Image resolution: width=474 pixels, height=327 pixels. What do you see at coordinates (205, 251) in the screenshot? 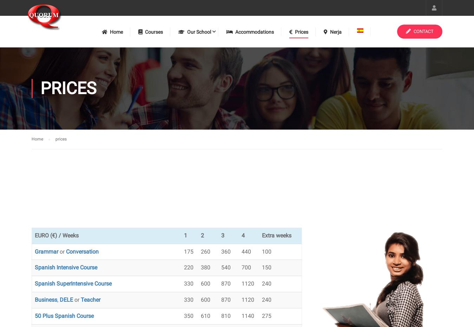
I see `'260'` at bounding box center [205, 251].